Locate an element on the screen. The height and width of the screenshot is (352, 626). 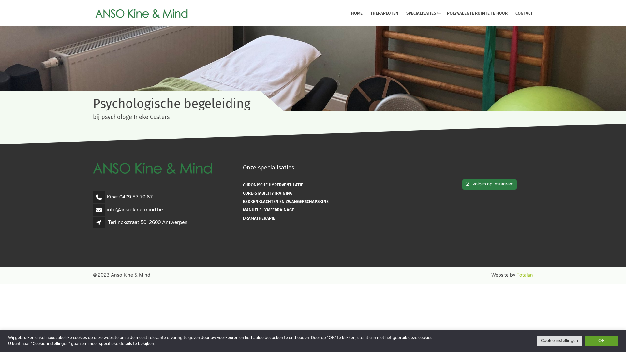
'HOME' is located at coordinates (356, 13).